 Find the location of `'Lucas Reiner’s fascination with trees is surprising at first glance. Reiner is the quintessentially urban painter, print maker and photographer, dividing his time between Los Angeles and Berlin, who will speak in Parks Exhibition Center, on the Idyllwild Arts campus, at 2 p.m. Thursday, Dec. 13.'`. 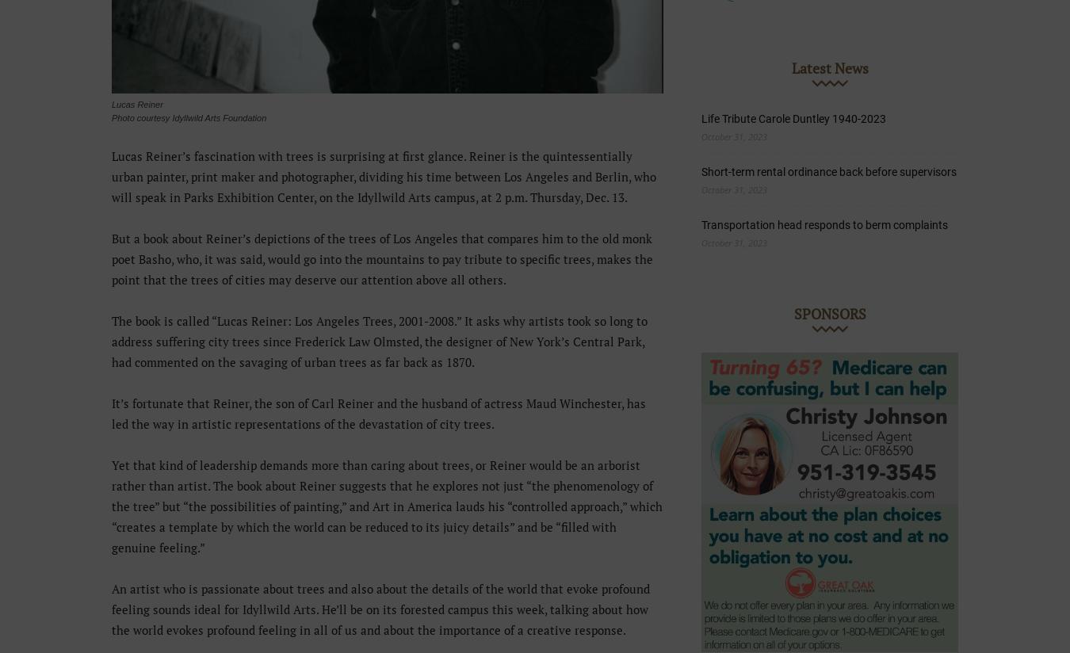

'Lucas Reiner’s fascination with trees is surprising at first glance. Reiner is the quintessentially urban painter, print maker and photographer, dividing his time between Los Angeles and Berlin, who will speak in Parks Exhibition Center, on the Idyllwild Arts campus, at 2 p.m. Thursday, Dec. 13.' is located at coordinates (383, 175).